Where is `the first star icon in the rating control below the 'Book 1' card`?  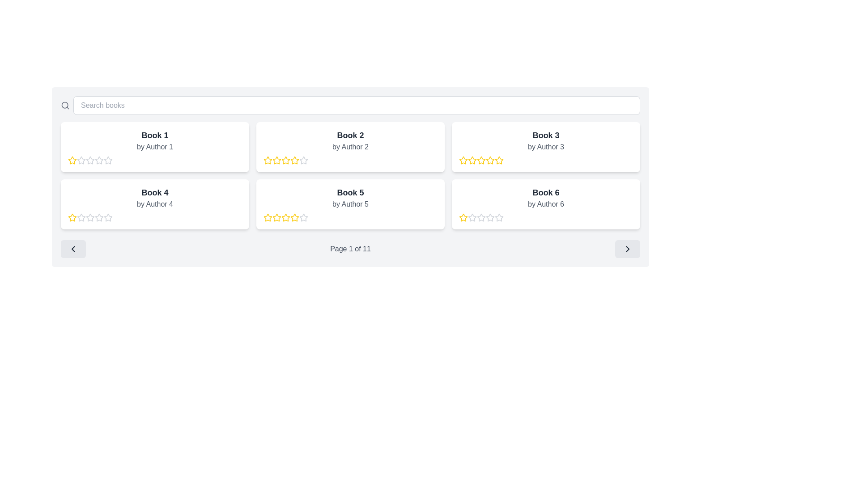
the first star icon in the rating control below the 'Book 1' card is located at coordinates (72, 160).